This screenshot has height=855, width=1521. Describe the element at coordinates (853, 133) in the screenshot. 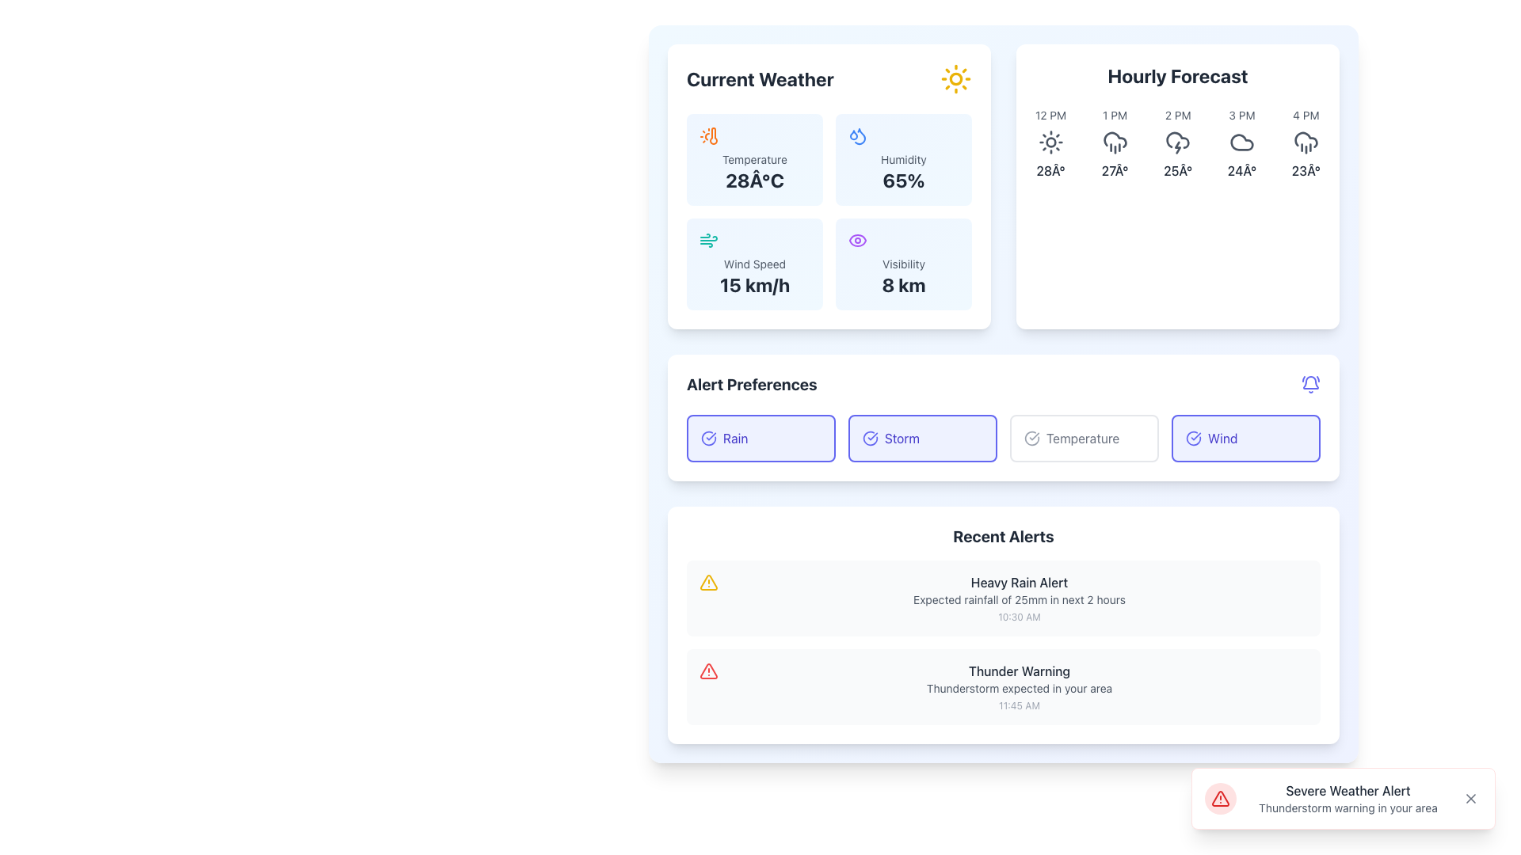

I see `the weather icon representing precipitation or water droplets located in the upper-right portion of the interface, near the 'Current Weather' module` at that location.